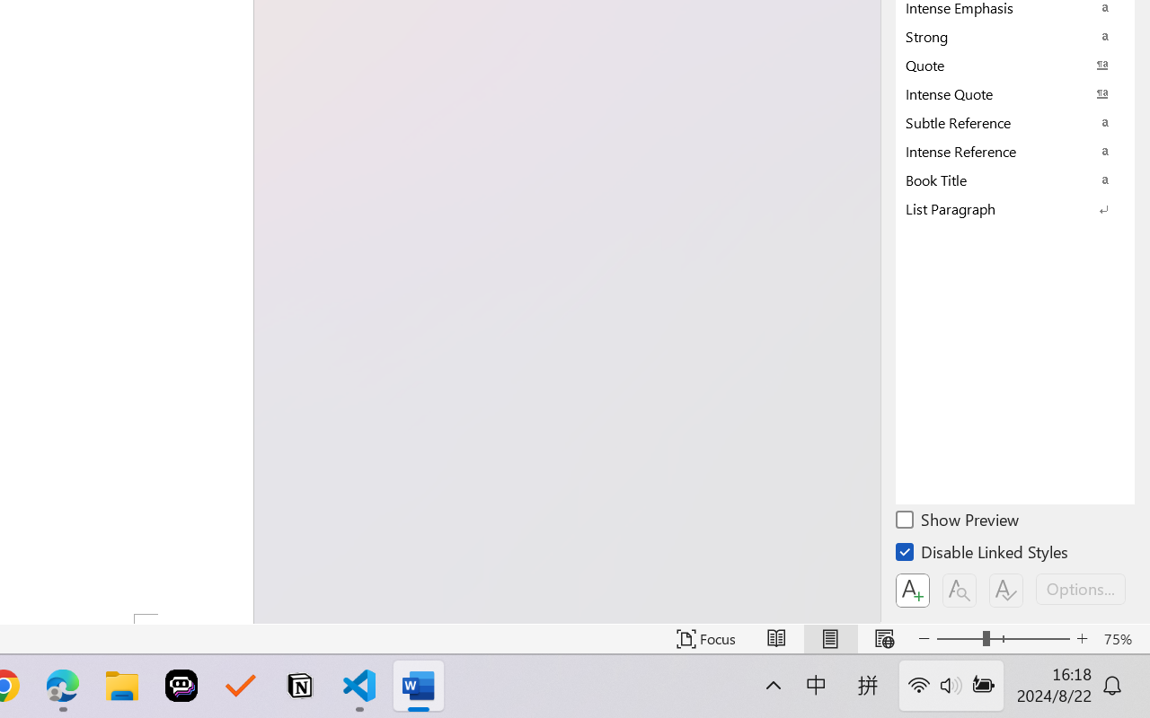  Describe the element at coordinates (1080, 588) in the screenshot. I see `'Options...'` at that location.